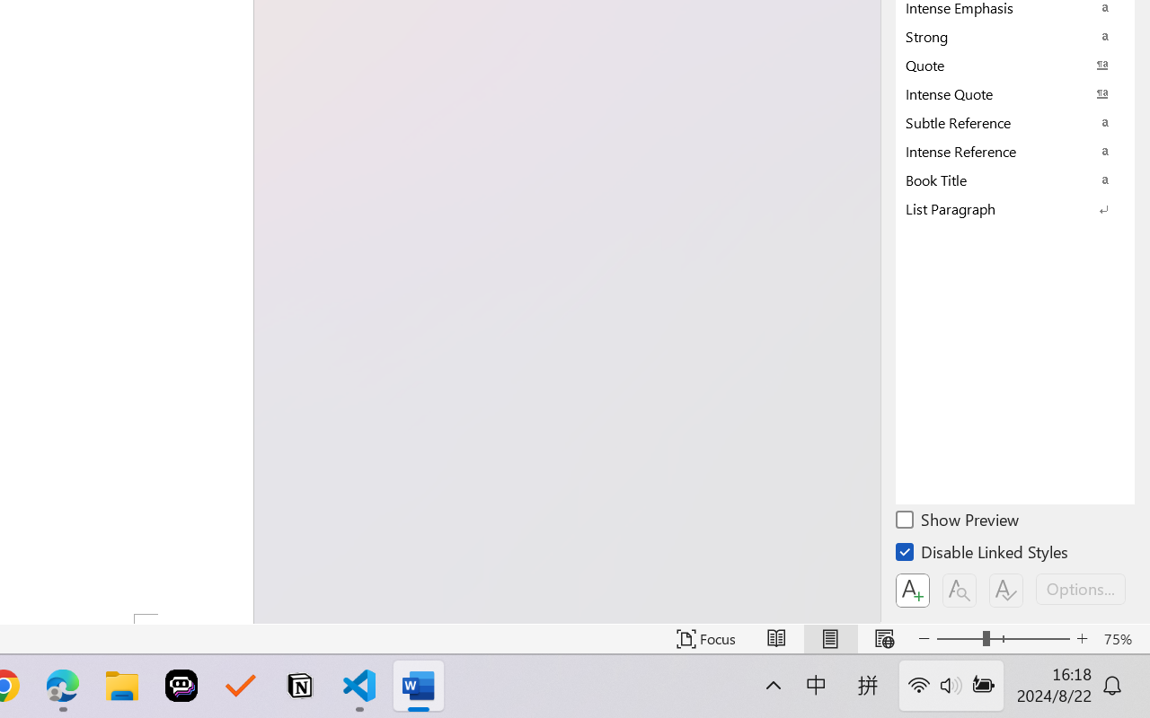  Describe the element at coordinates (1080, 588) in the screenshot. I see `'Options...'` at that location.